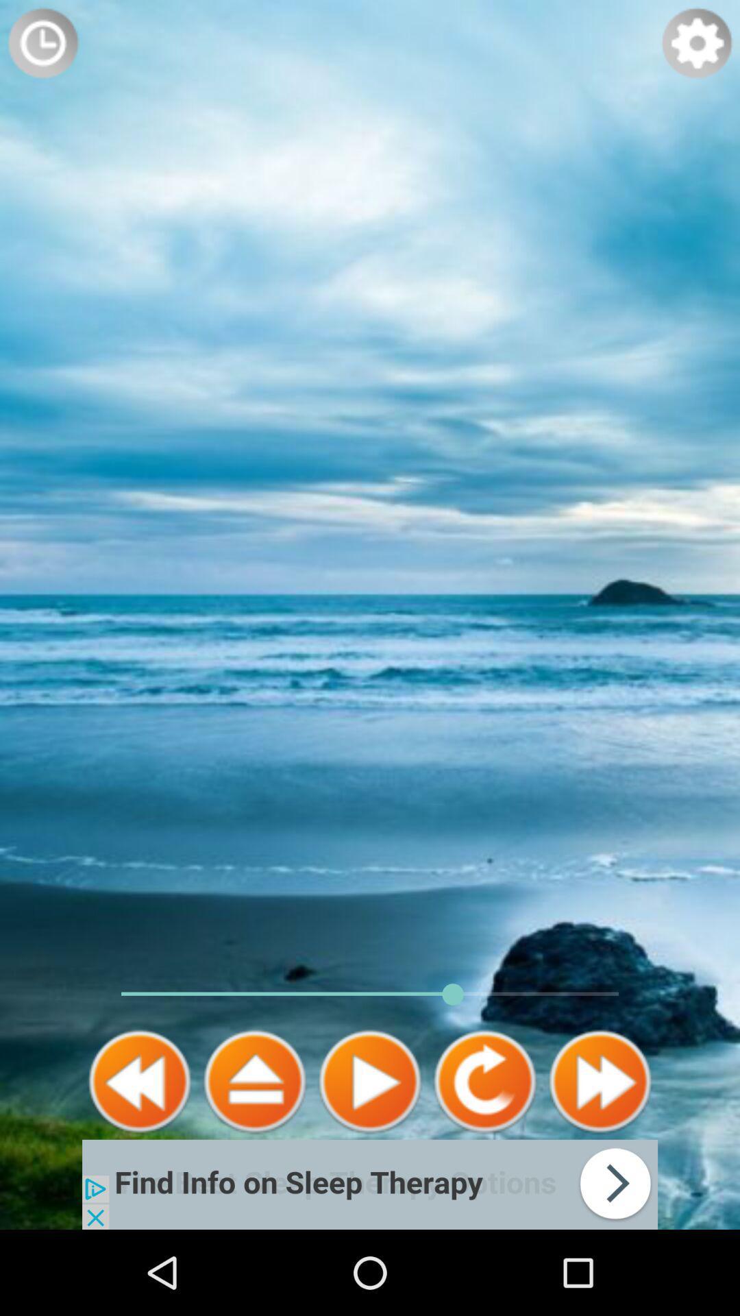 Image resolution: width=740 pixels, height=1316 pixels. Describe the element at coordinates (697, 46) in the screenshot. I see `the settings icon` at that location.